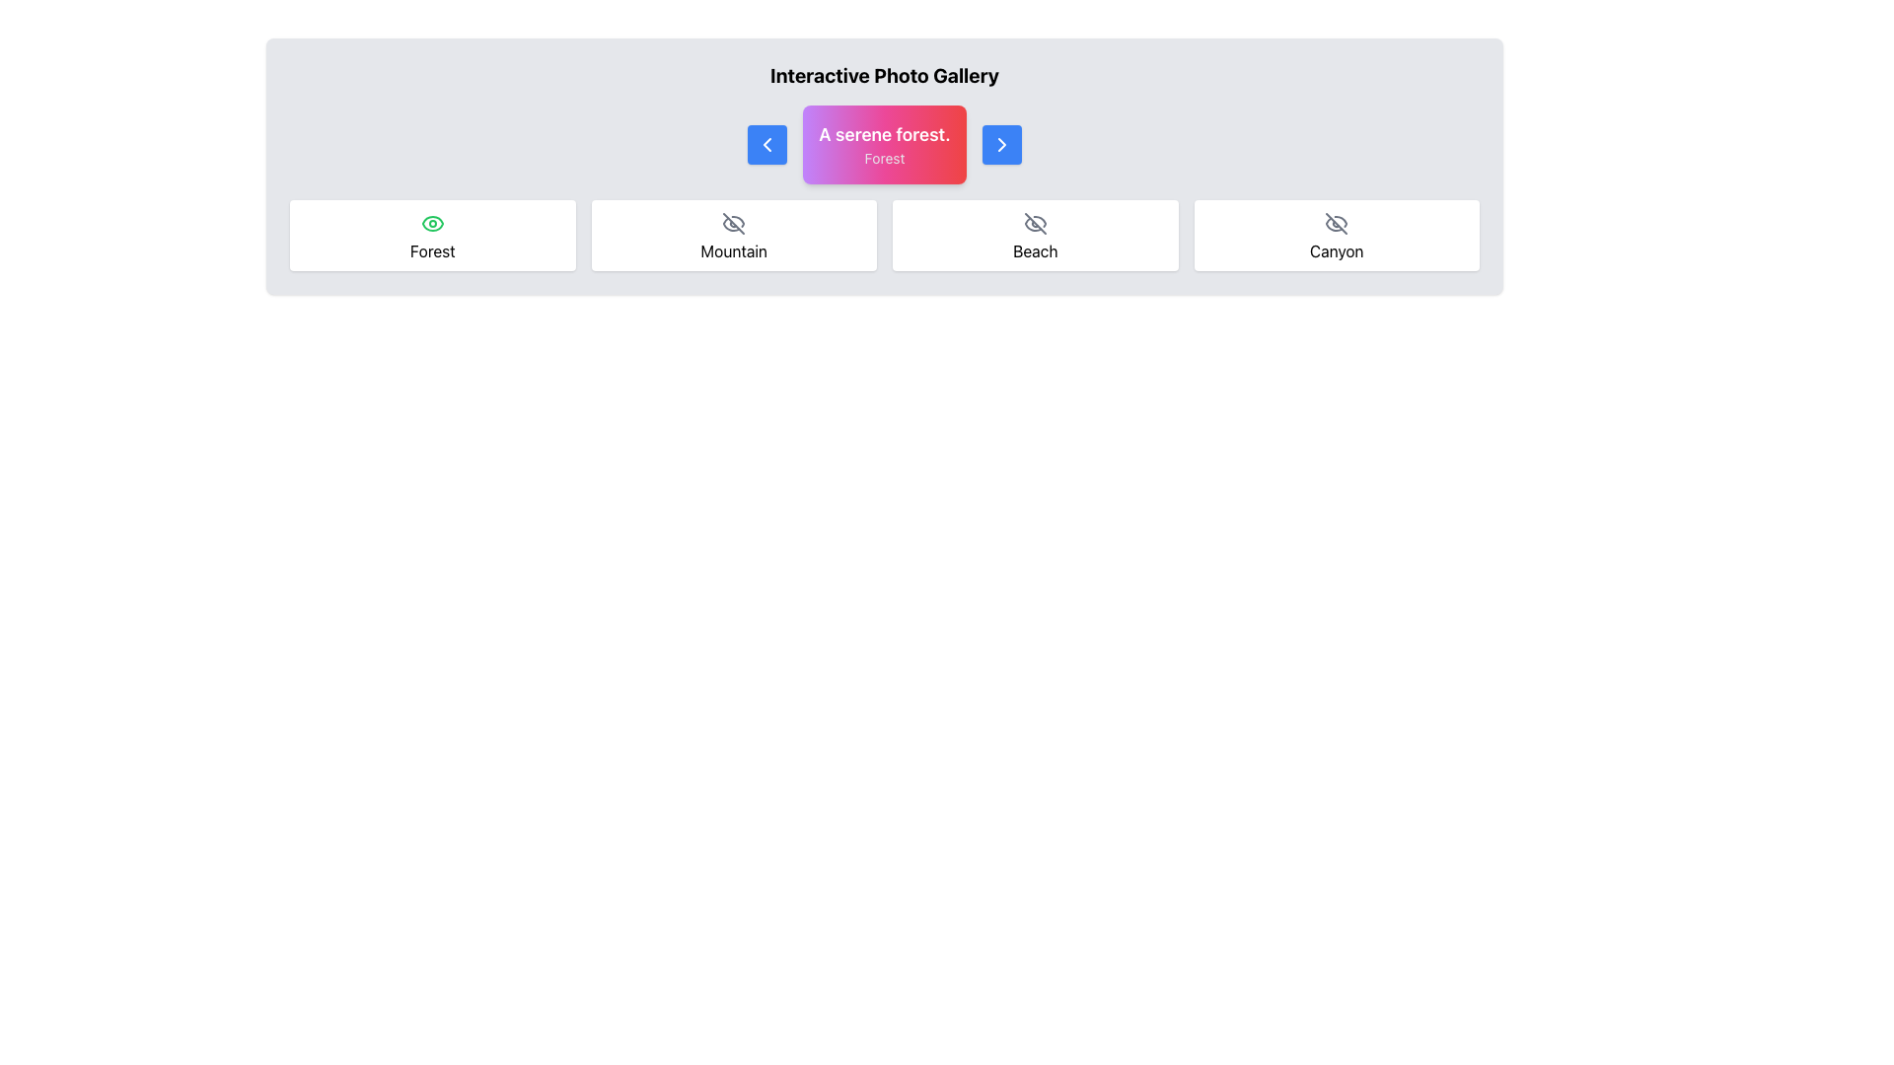 The height and width of the screenshot is (1065, 1894). What do you see at coordinates (1034, 223) in the screenshot?
I see `the 'visibility off' icon styled as an eye with a diagonal line across it in the 'Interactive Photo Gallery' section` at bounding box center [1034, 223].